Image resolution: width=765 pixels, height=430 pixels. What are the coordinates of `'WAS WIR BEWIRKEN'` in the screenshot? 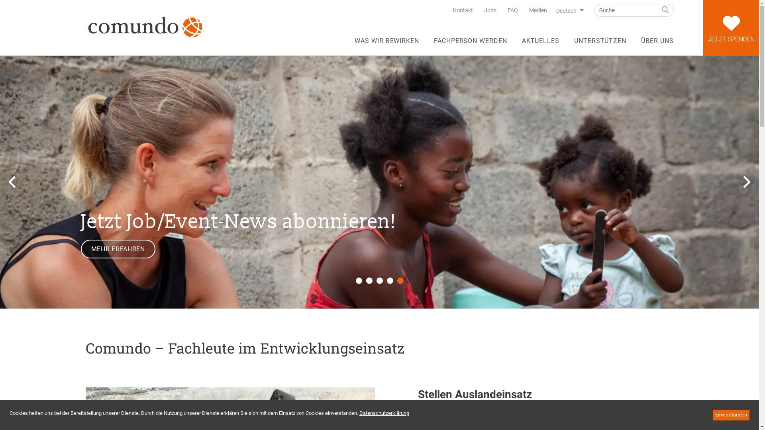 It's located at (386, 44).